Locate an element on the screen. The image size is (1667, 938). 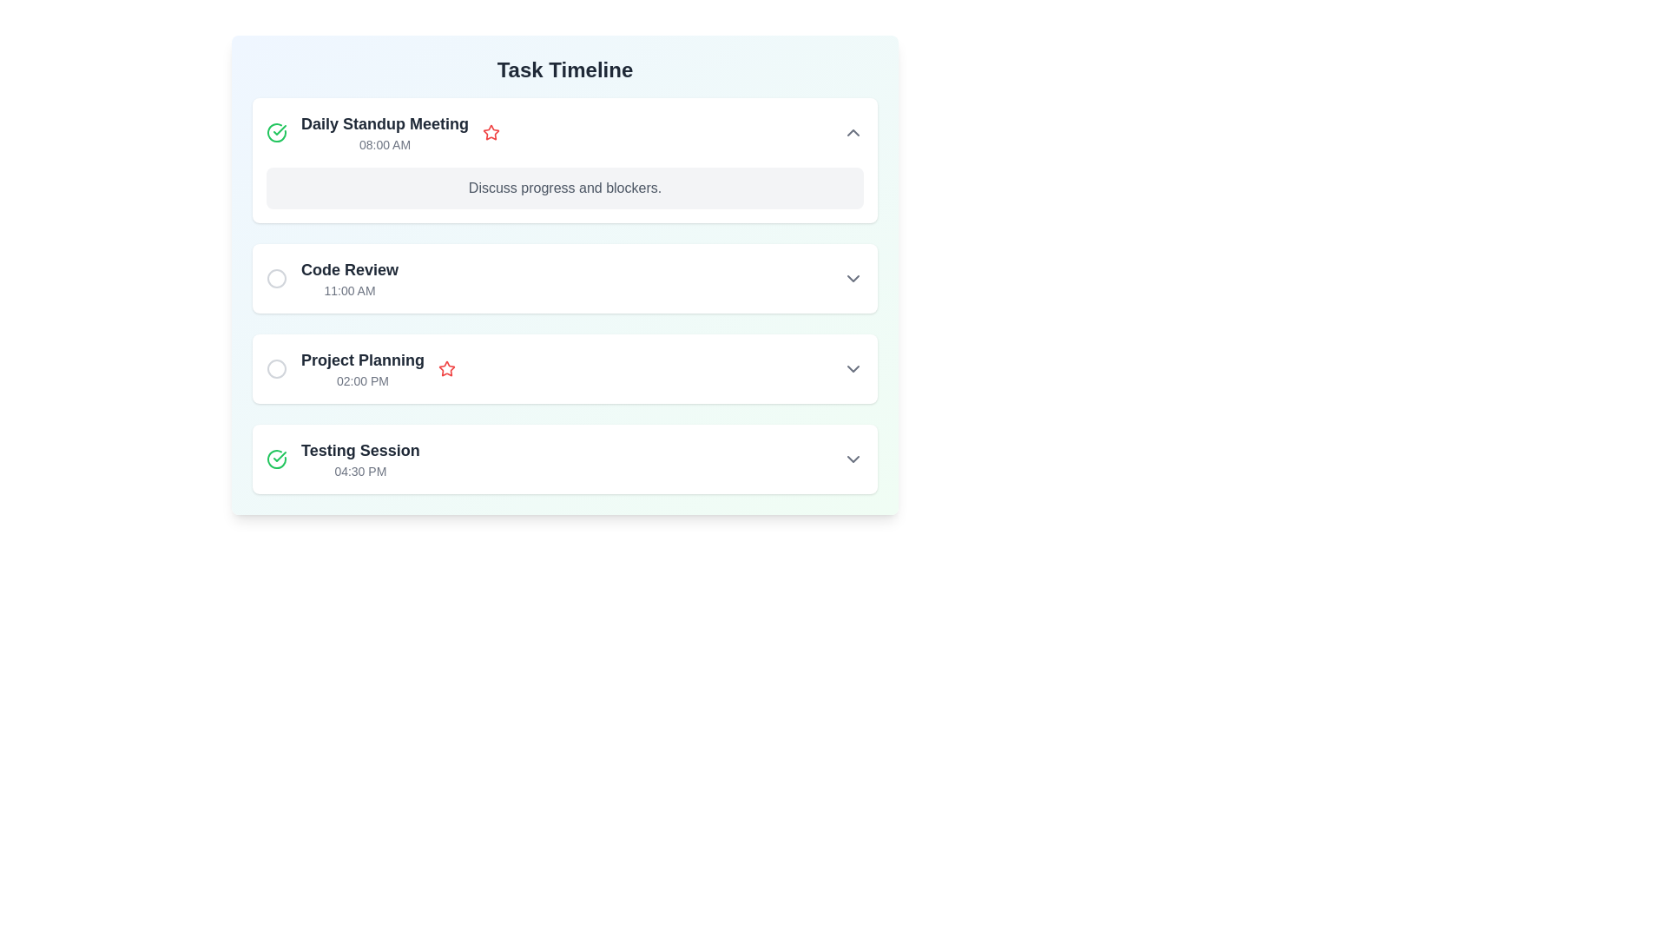
the static text label titled 'Code Review' located in the second task card of the timeline interface, positioned above the '11:00 AM' timestamp is located at coordinates (349, 270).